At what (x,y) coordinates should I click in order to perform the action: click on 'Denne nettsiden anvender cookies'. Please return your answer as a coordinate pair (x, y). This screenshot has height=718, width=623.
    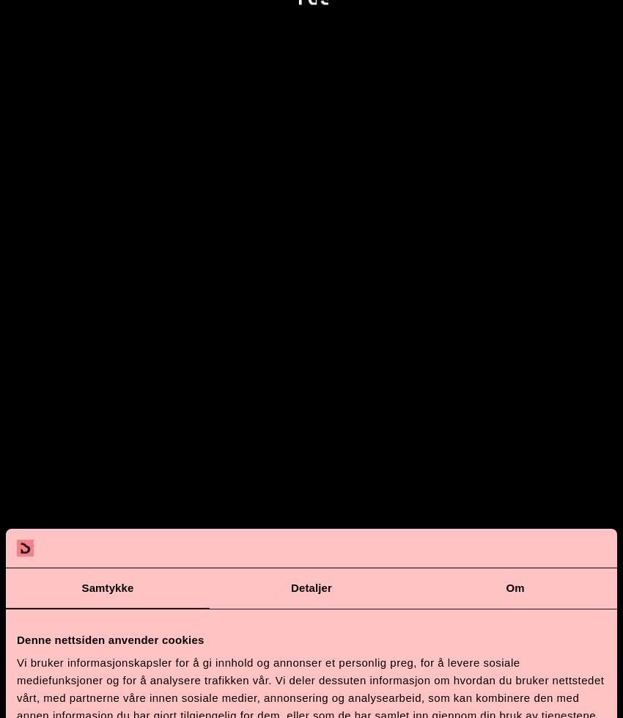
    Looking at the image, I should click on (110, 638).